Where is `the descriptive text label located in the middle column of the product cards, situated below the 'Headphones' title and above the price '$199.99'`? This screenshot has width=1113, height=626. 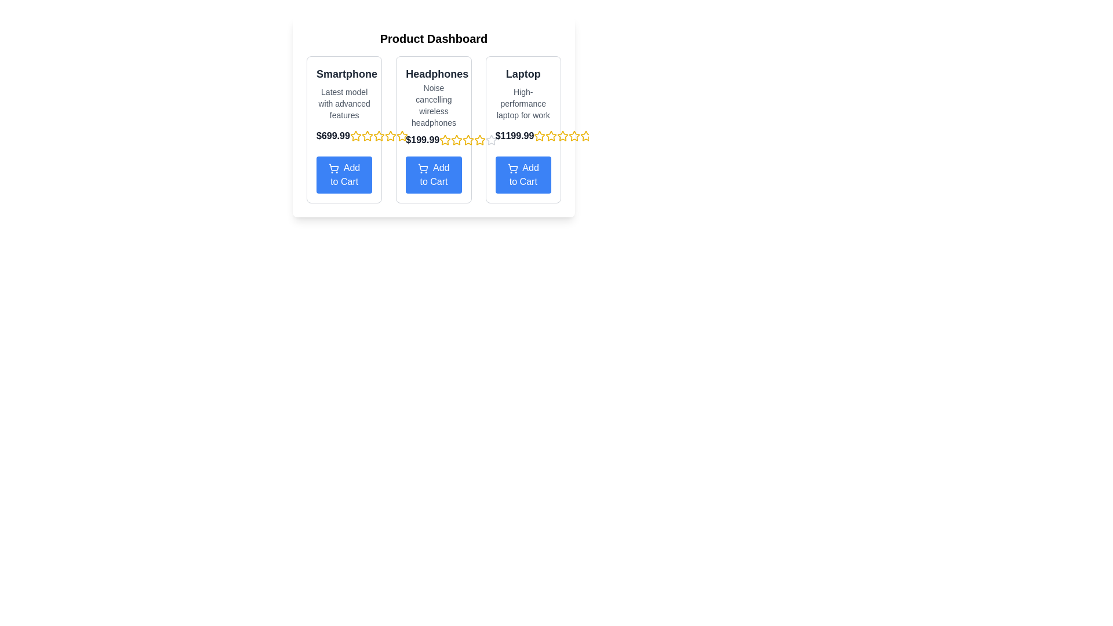
the descriptive text label located in the middle column of the product cards, situated below the 'Headphones' title and above the price '$199.99' is located at coordinates (433, 105).